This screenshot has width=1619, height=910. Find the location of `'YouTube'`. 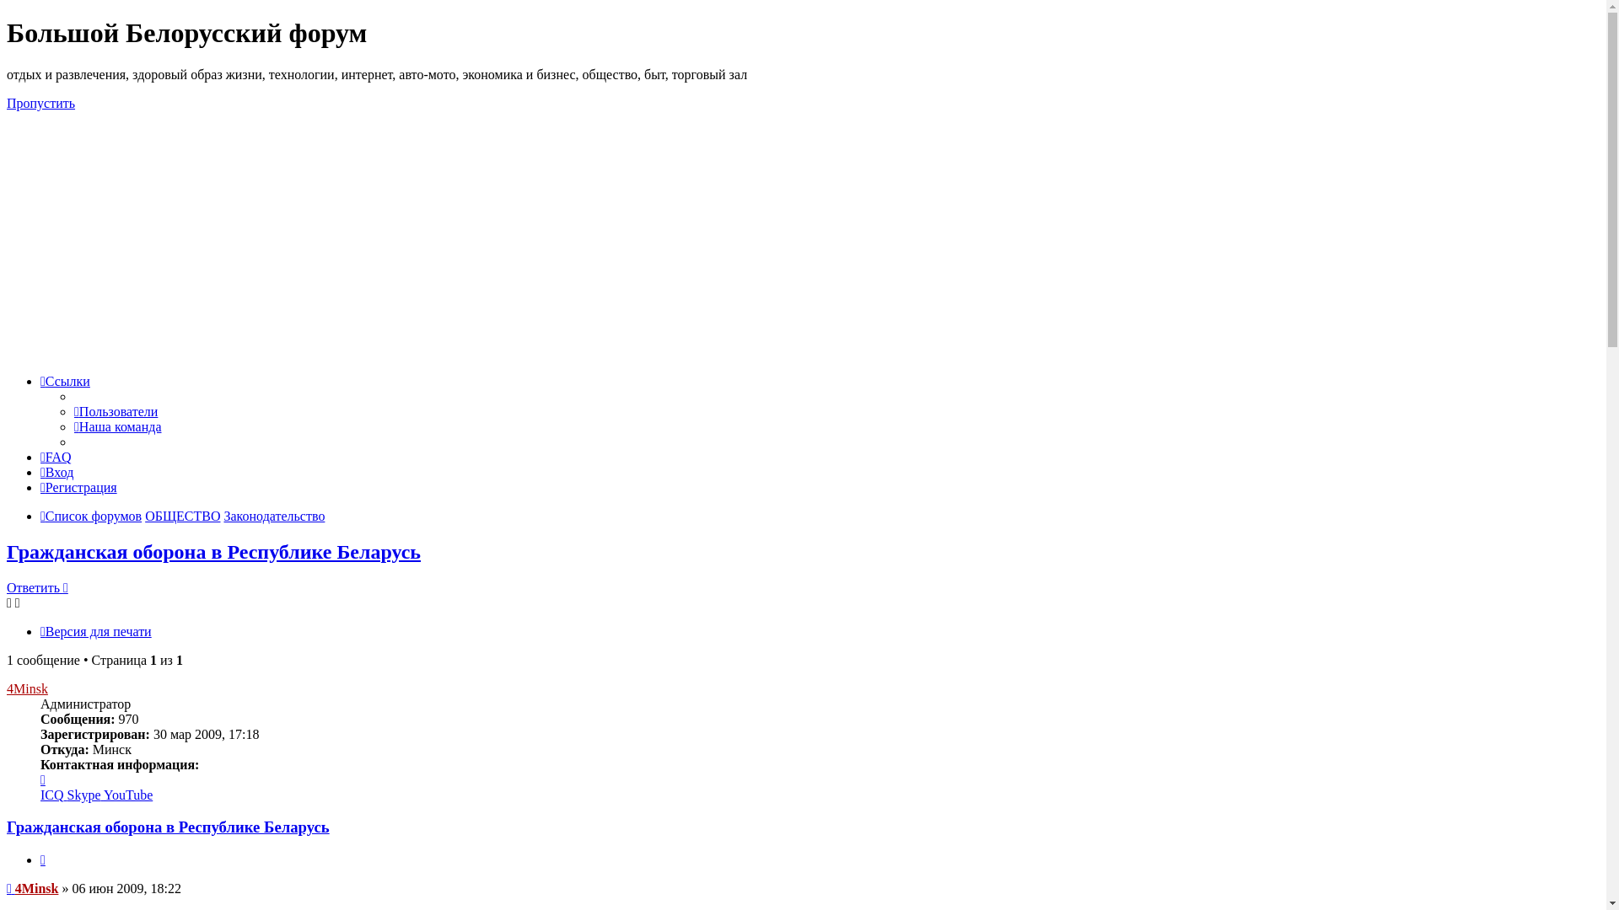

'YouTube' is located at coordinates (127, 795).